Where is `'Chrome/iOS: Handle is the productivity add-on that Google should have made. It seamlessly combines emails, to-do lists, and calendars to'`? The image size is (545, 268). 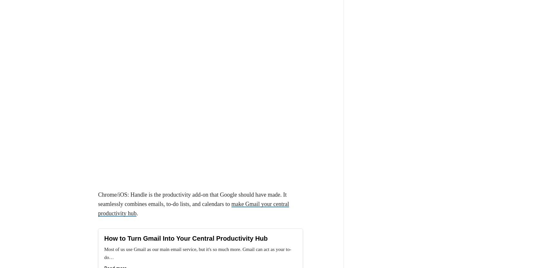 'Chrome/iOS: Handle is the productivity add-on that Google should have made. It seamlessly combines emails, to-do lists, and calendars to' is located at coordinates (192, 80).